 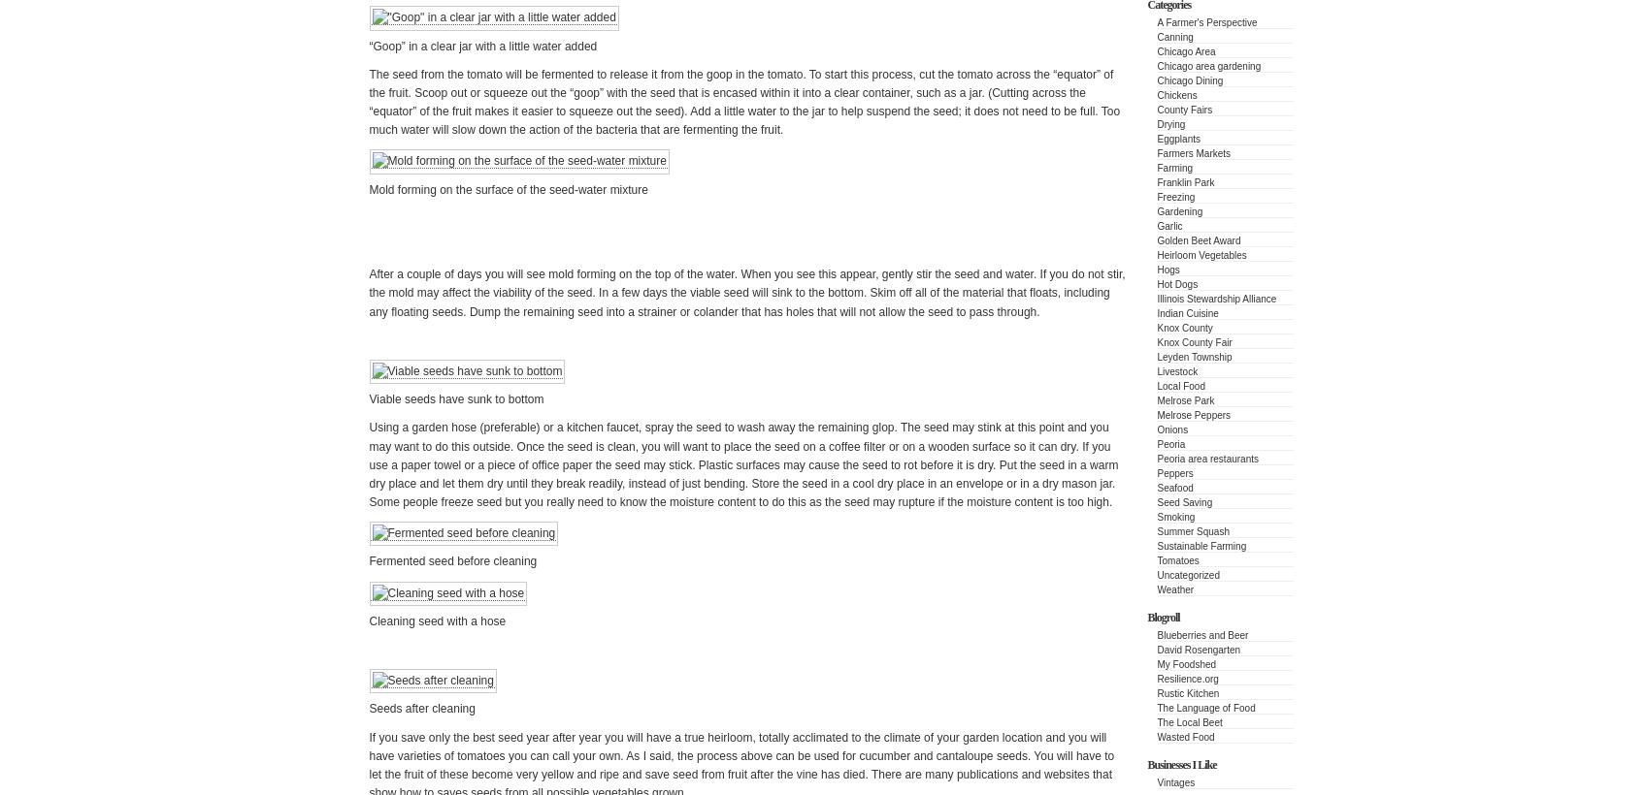 What do you see at coordinates (741, 464) in the screenshot?
I see `'Using a garden hose (preferable) or a kitchen faucet, spray the seed to wash away the remaining glop. The seed may stink at this point and you may want to do this outside. Once the seed is clean, you will want to place the seed on a coffee filter or on a wooden surface so it can dry. If you use a paper towel or a piece of office paper the seed may stick. Plastic surfaces may cause the seed to rot before it is dry. Put the seed in a warm dry place and let them dry until they break readily, instead of just bending. Store the seed in a cool dry place in an envelope or in a dry mason jar. Some people freeze seed but you really need to know the moisture content to do this as the seed may rupture if the moisture content is too high.'` at bounding box center [741, 464].